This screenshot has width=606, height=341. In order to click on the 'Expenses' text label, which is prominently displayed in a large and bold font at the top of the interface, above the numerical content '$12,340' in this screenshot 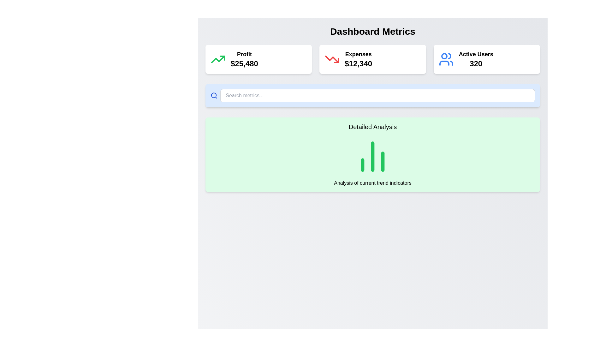, I will do `click(358, 54)`.